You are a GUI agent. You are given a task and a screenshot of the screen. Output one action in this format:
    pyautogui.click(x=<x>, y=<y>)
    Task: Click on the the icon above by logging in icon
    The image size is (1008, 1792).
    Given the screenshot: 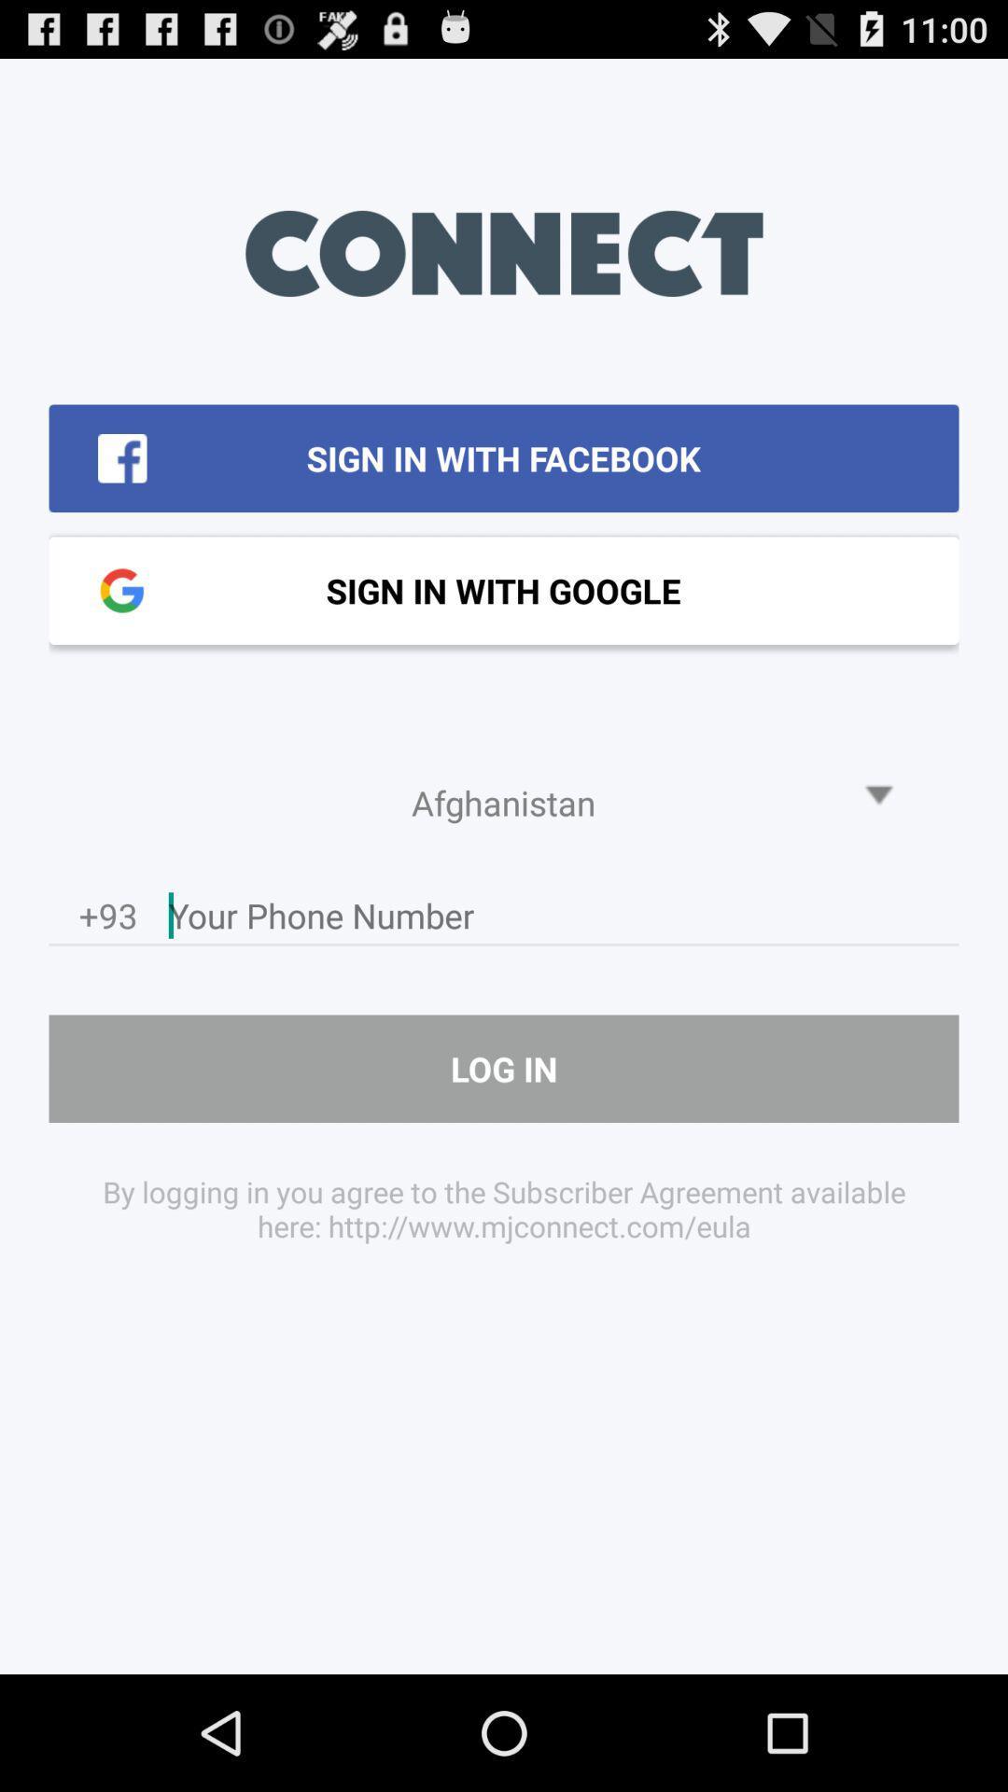 What is the action you would take?
    pyautogui.click(x=504, y=1069)
    